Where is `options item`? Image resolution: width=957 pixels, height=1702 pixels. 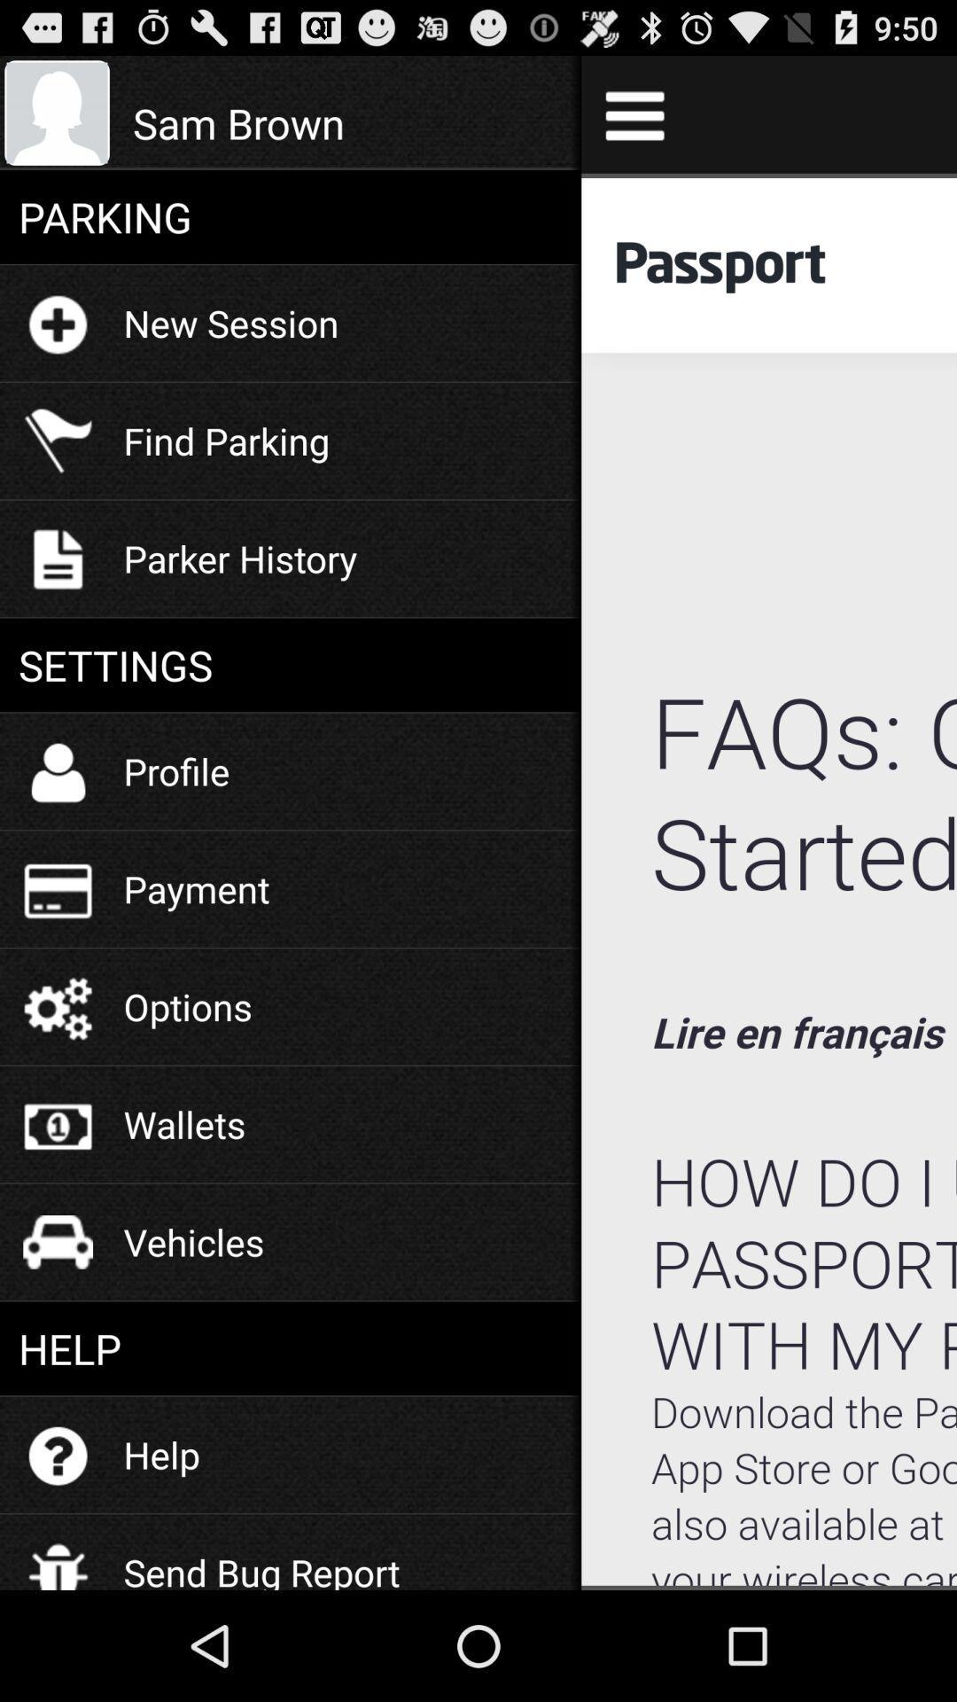 options item is located at coordinates (188, 1006).